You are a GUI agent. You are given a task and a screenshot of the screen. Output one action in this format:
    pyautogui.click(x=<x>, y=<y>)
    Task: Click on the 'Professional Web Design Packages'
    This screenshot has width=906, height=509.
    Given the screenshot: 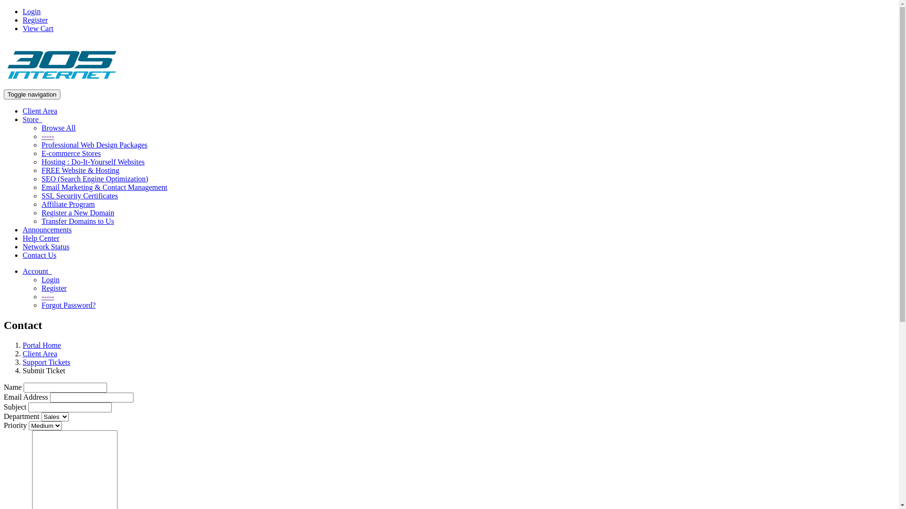 What is the action you would take?
    pyautogui.click(x=94, y=145)
    